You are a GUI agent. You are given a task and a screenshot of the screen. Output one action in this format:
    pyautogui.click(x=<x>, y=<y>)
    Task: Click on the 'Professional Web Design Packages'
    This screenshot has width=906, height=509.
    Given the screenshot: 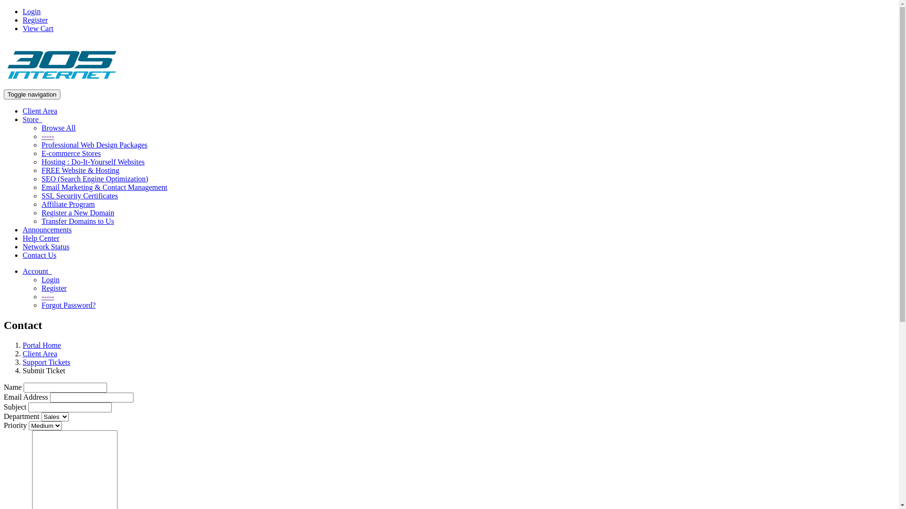 What is the action you would take?
    pyautogui.click(x=94, y=145)
    